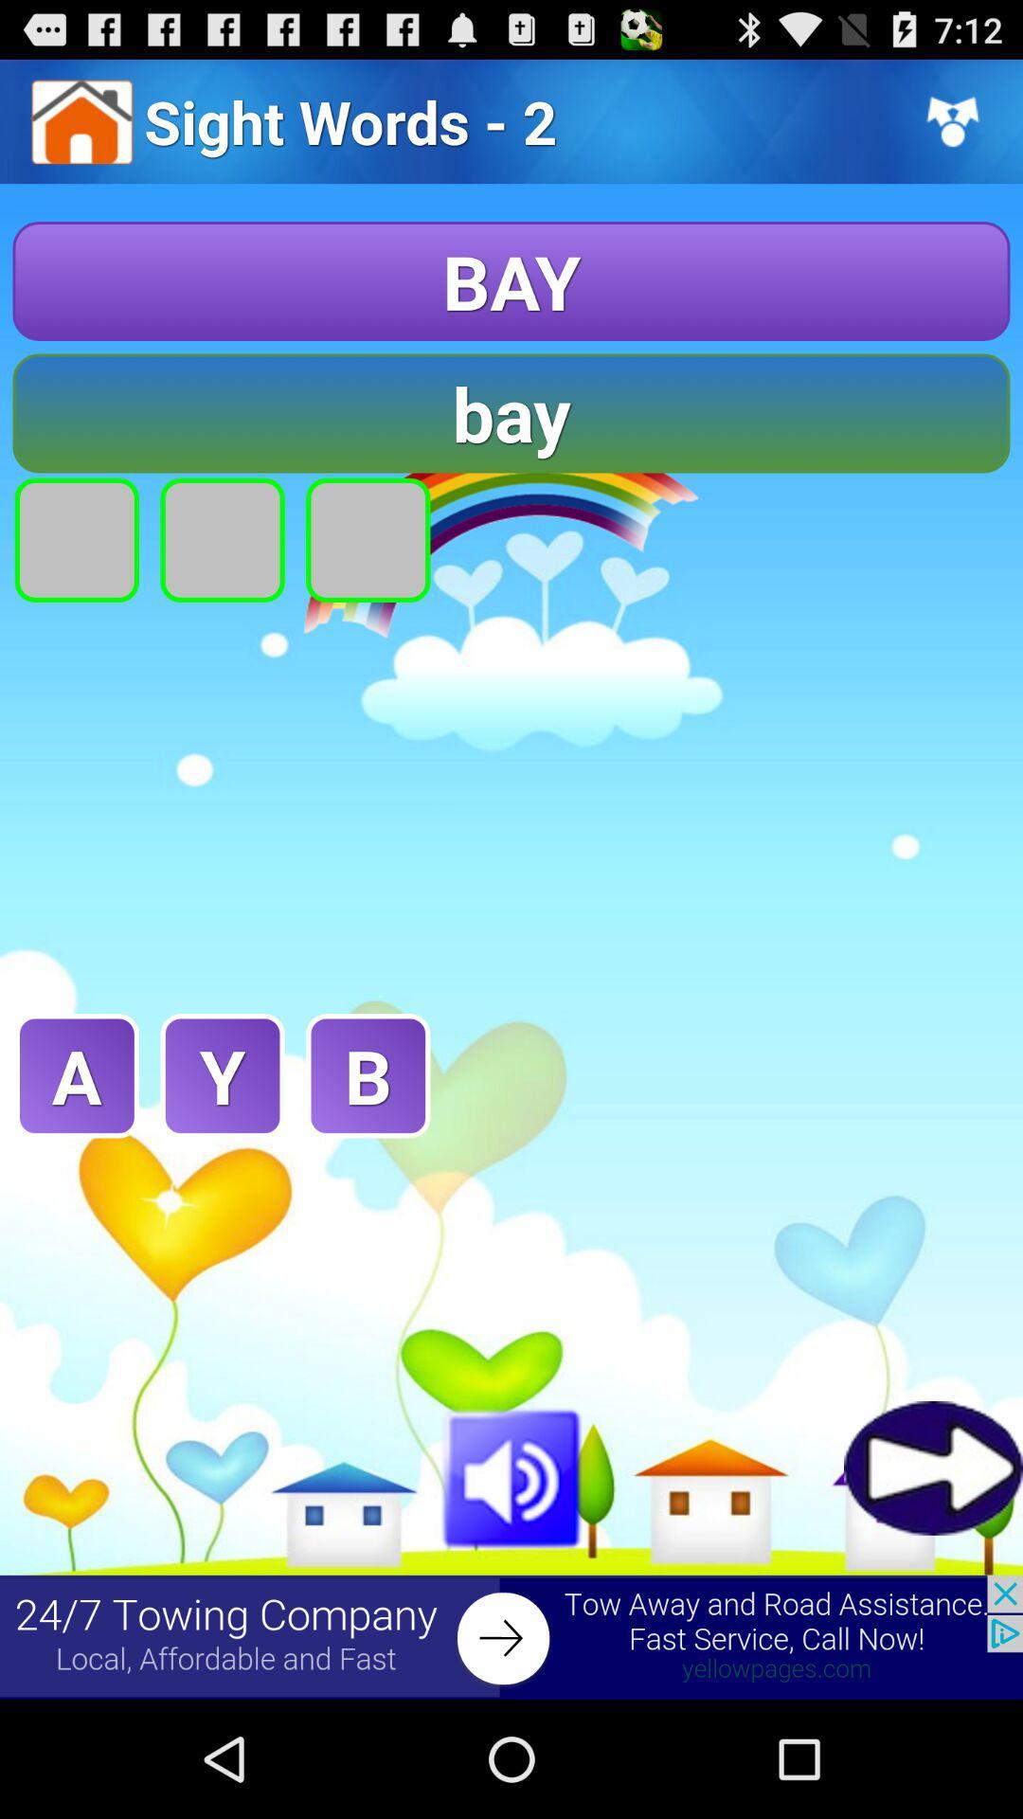 Image resolution: width=1023 pixels, height=1819 pixels. I want to click on advertisement link, so click(511, 1636).